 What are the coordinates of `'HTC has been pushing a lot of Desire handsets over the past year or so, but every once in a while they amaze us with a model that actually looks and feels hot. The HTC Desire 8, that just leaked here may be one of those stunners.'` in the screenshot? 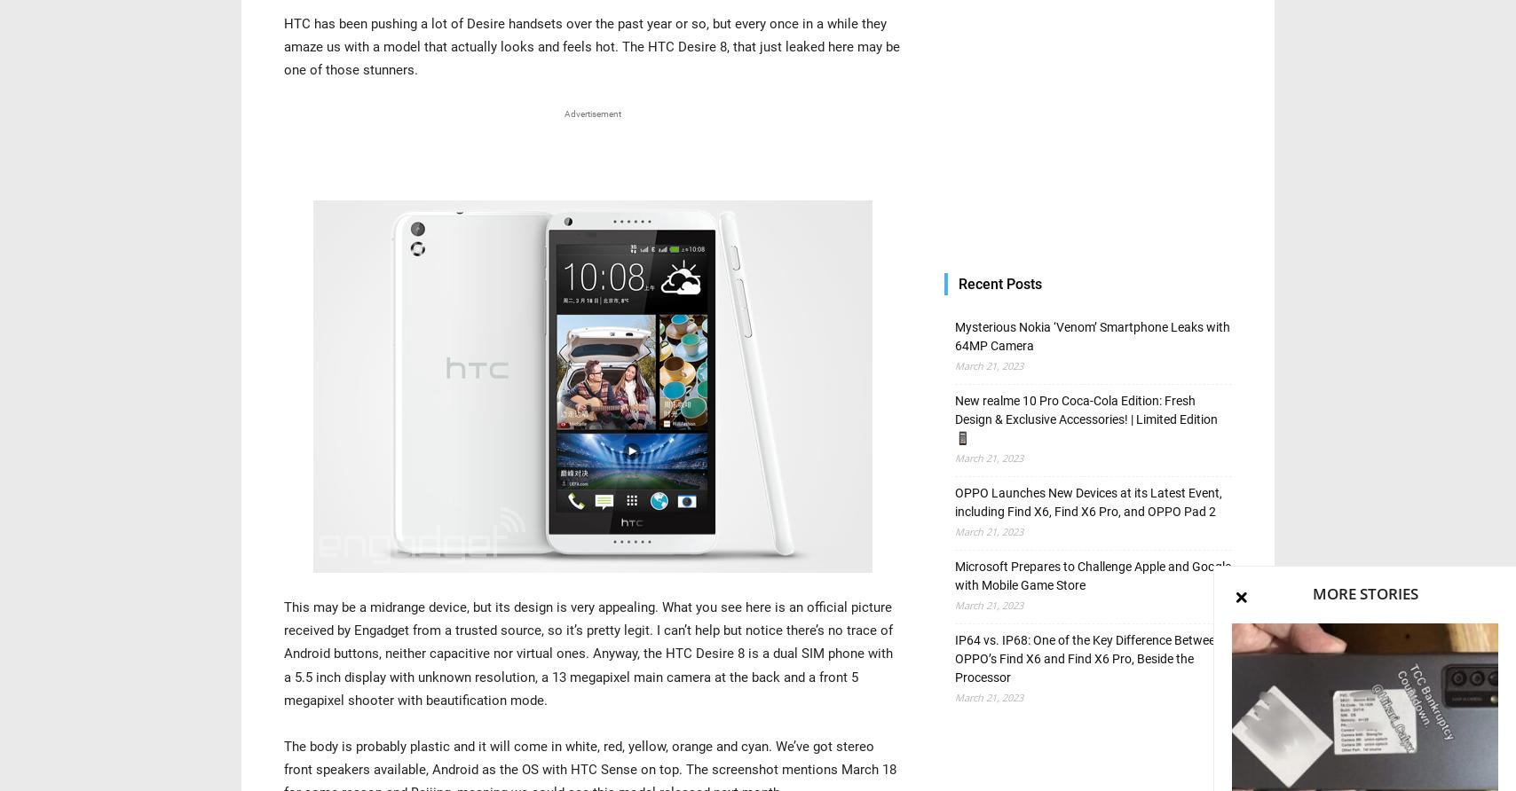 It's located at (591, 46).